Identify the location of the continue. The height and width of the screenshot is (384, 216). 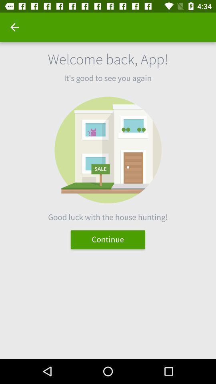
(108, 240).